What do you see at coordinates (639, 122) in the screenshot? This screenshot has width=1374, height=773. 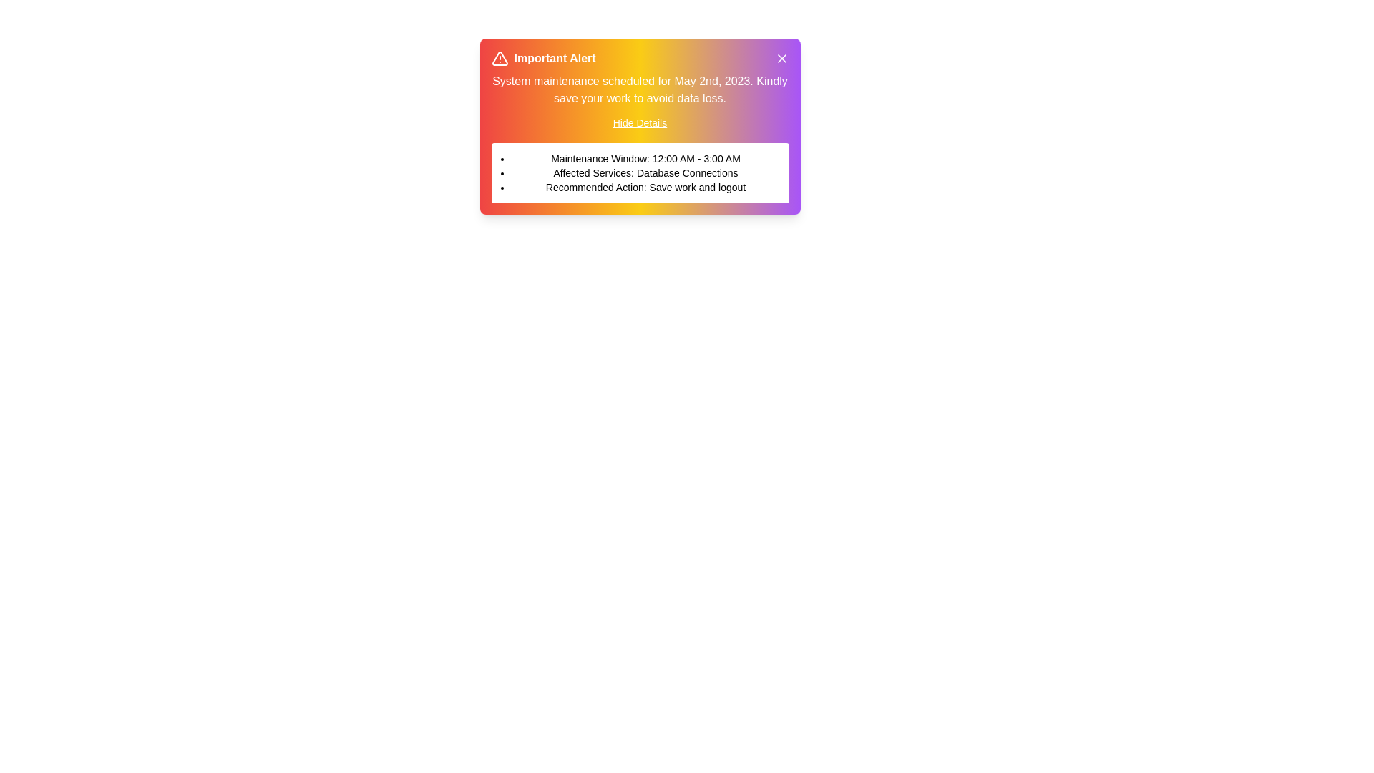 I see `the 'Hide Details' button to toggle the details section` at bounding box center [639, 122].